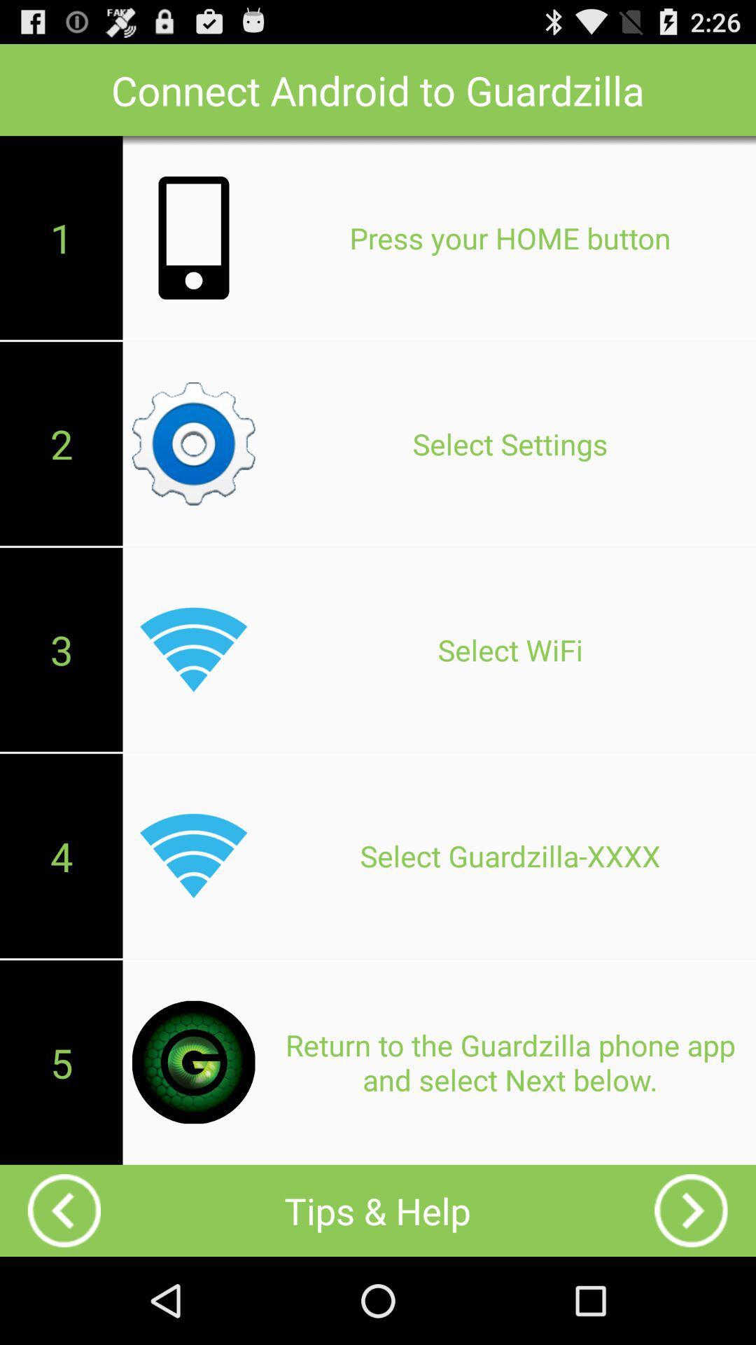  What do you see at coordinates (64, 1295) in the screenshot?
I see `the arrow_backward icon` at bounding box center [64, 1295].